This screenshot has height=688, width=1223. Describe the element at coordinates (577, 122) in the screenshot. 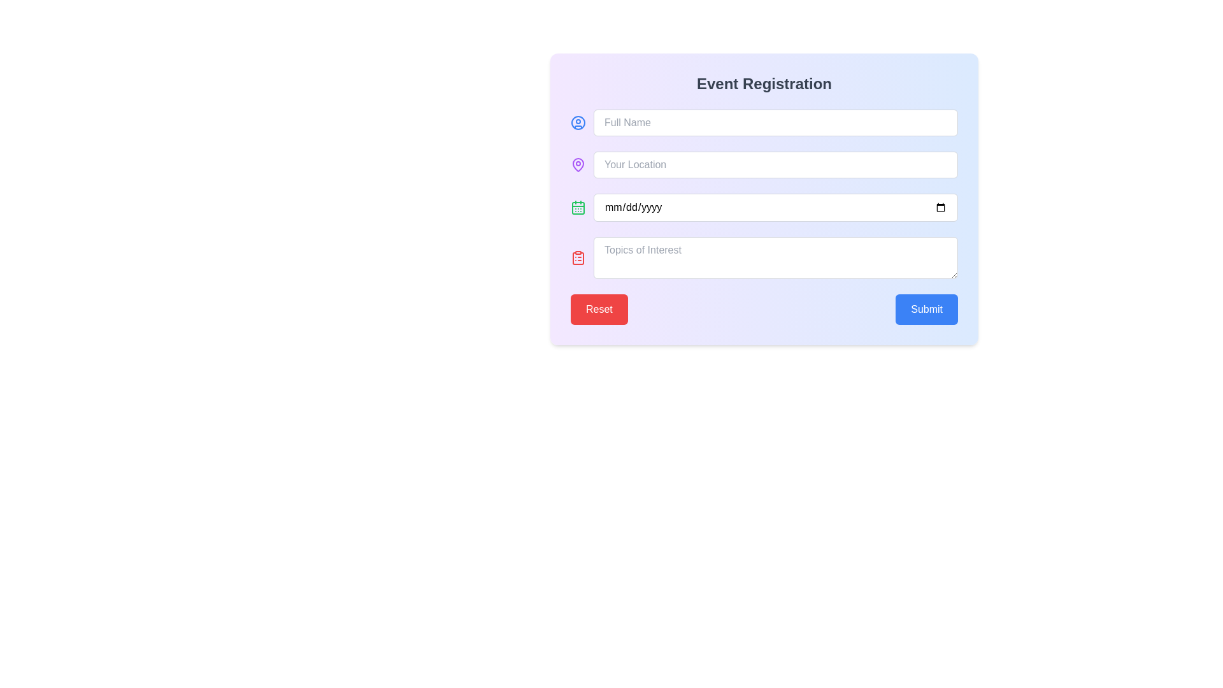

I see `the circular graphical icon with a blue outline representing a user profile, located at the top-left of the form layout` at that location.